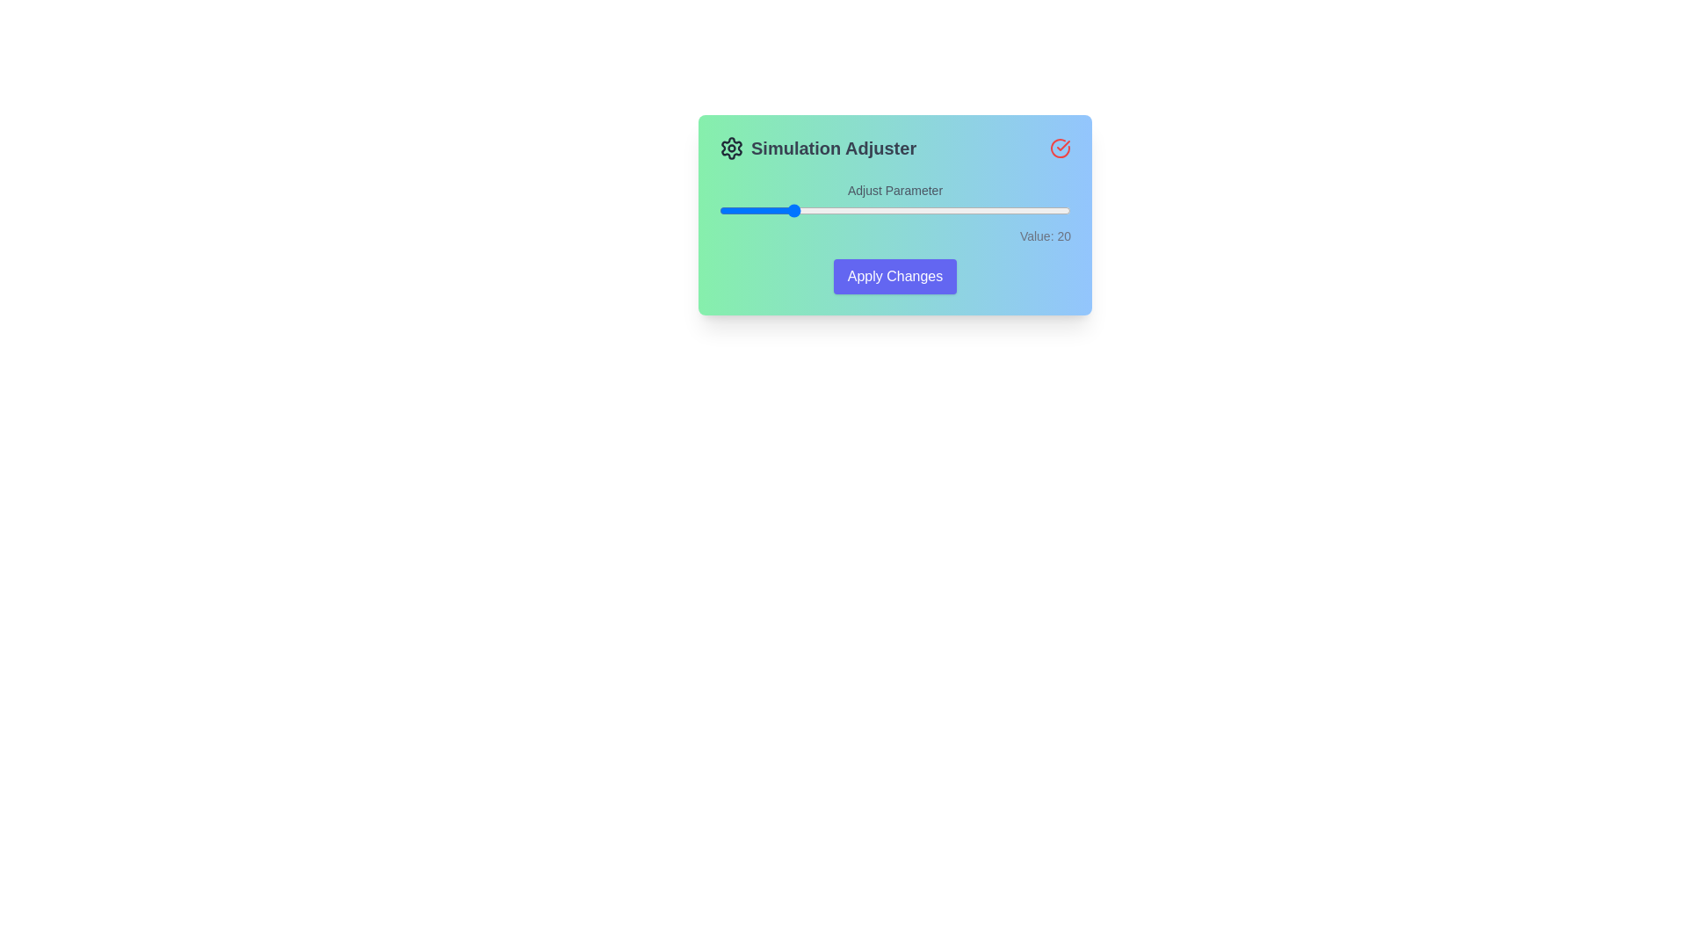 This screenshot has height=949, width=1687. I want to click on 'Apply Changes' button to apply the changes, so click(894, 277).